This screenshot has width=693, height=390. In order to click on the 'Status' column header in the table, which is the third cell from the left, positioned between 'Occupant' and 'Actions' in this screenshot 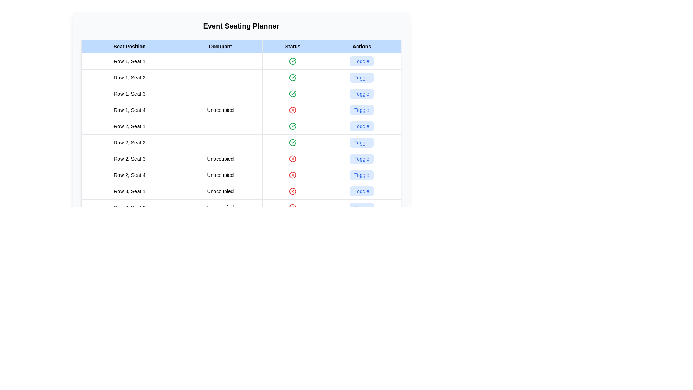, I will do `click(293, 46)`.